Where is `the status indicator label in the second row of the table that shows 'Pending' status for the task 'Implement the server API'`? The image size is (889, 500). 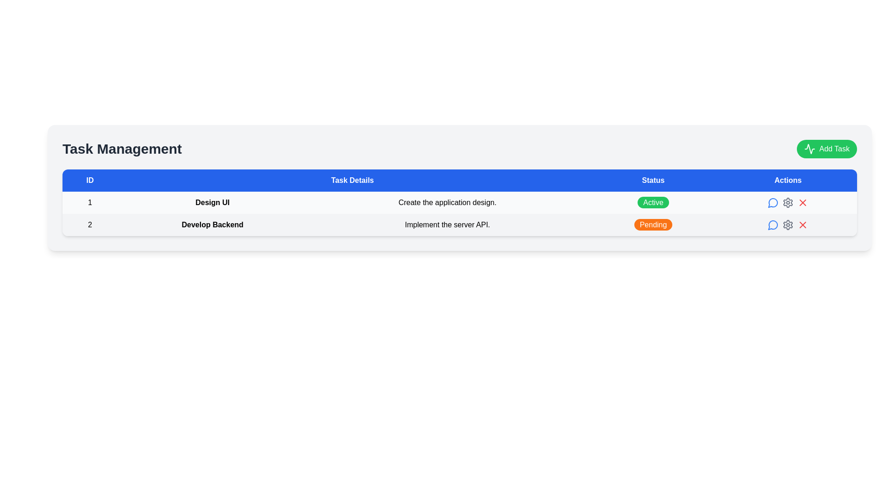
the status indicator label in the second row of the table that shows 'Pending' status for the task 'Implement the server API' is located at coordinates (653, 225).